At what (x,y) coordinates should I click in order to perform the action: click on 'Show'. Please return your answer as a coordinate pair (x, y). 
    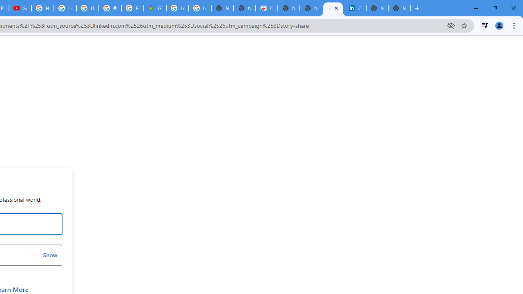
    Looking at the image, I should click on (49, 254).